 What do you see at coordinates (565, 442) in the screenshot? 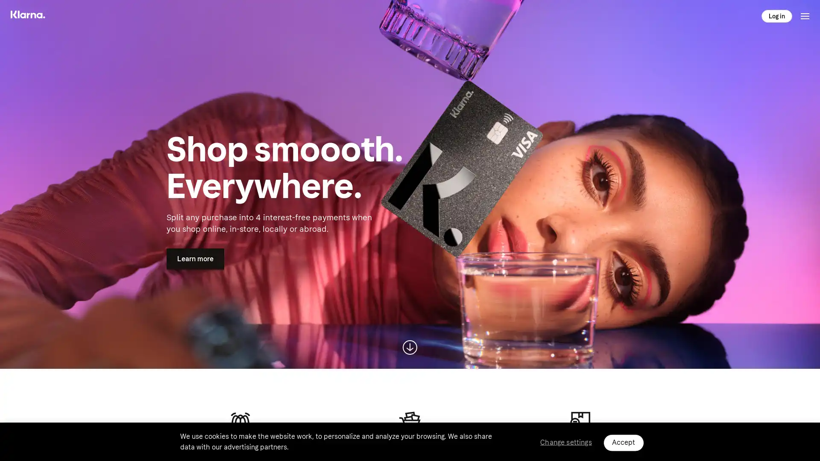
I see `Change settings` at bounding box center [565, 442].